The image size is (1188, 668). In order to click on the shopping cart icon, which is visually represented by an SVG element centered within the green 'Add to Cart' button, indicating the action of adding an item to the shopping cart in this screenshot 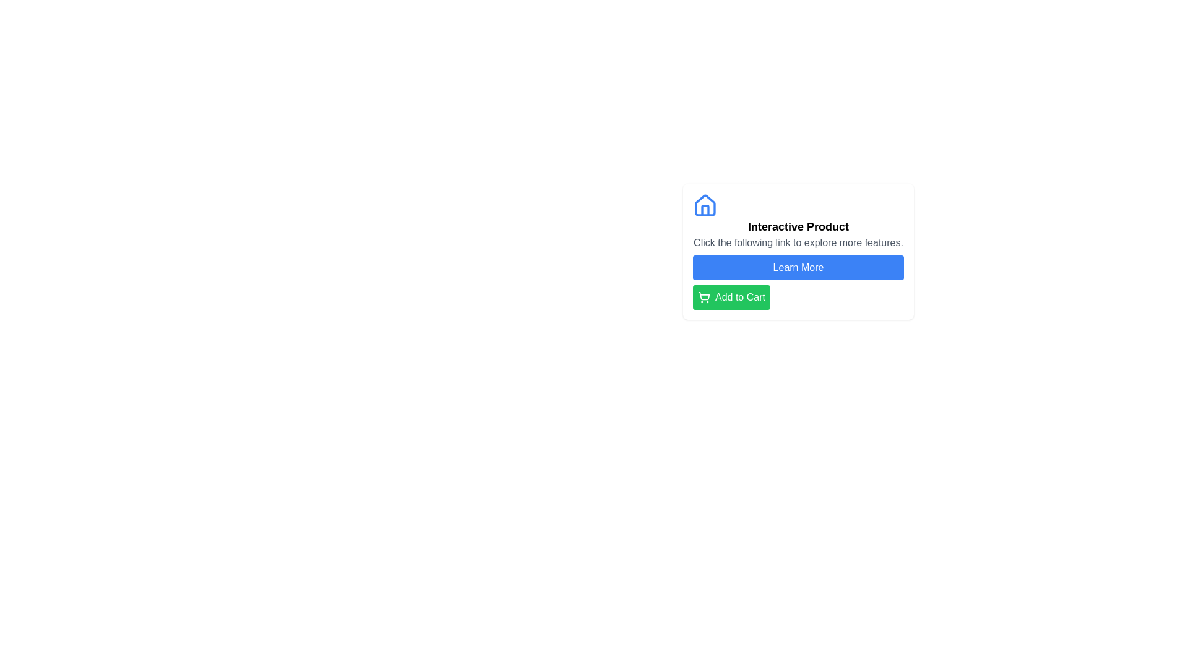, I will do `click(704, 296)`.